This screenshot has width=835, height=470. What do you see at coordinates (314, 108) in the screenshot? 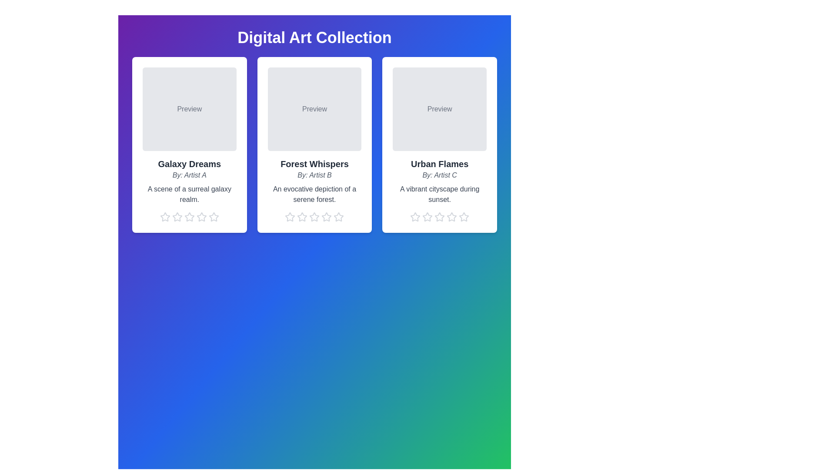
I see `the preview placeholder for the artwork titled 'Forest Whispers'` at bounding box center [314, 108].